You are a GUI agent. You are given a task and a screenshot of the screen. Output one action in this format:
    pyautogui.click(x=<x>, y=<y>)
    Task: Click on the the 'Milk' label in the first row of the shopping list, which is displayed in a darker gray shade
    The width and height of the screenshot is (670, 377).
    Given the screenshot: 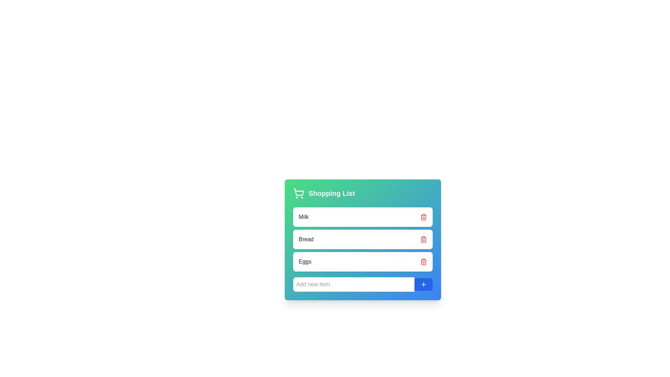 What is the action you would take?
    pyautogui.click(x=304, y=216)
    